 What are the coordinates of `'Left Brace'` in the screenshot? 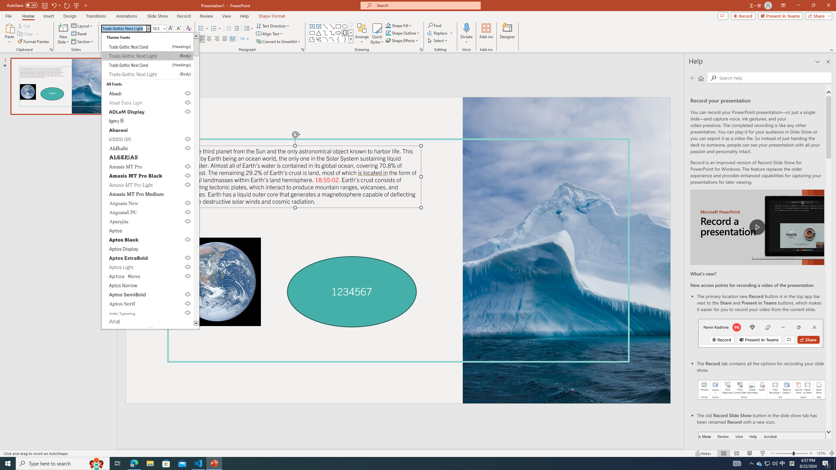 It's located at (338, 39).